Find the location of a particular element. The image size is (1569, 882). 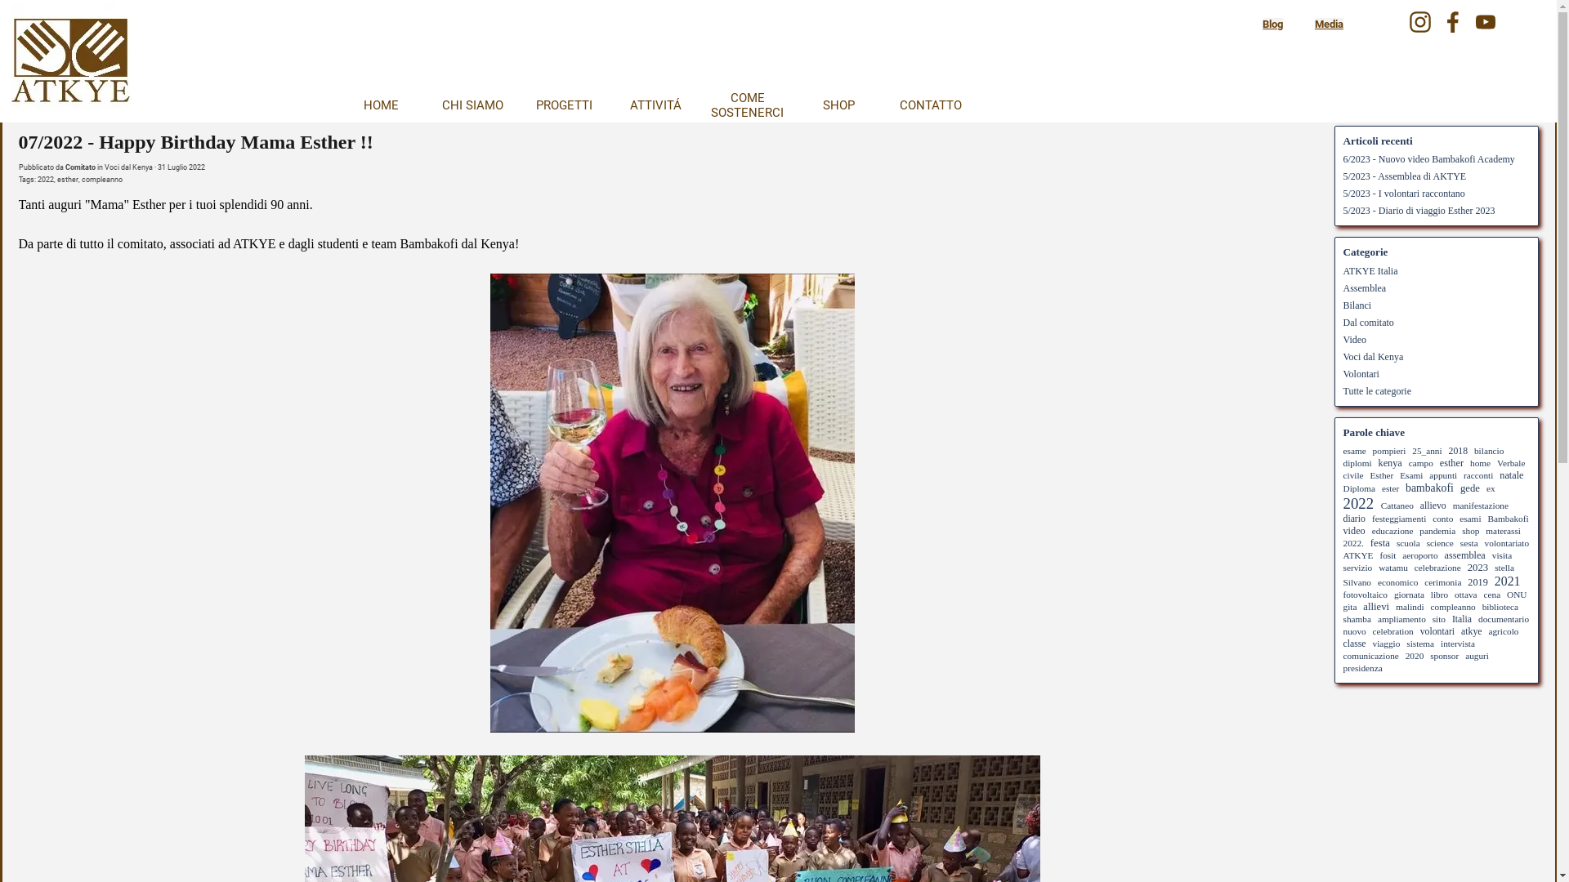

'2020' is located at coordinates (1414, 654).